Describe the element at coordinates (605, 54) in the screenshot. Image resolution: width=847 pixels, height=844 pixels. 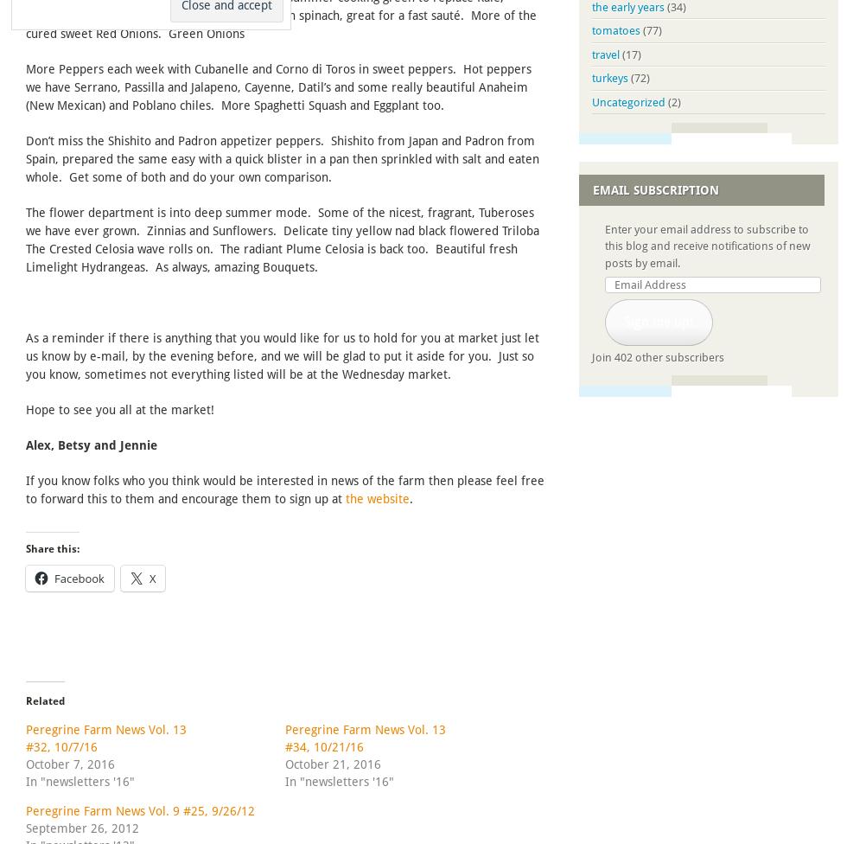
I see `'travel'` at that location.